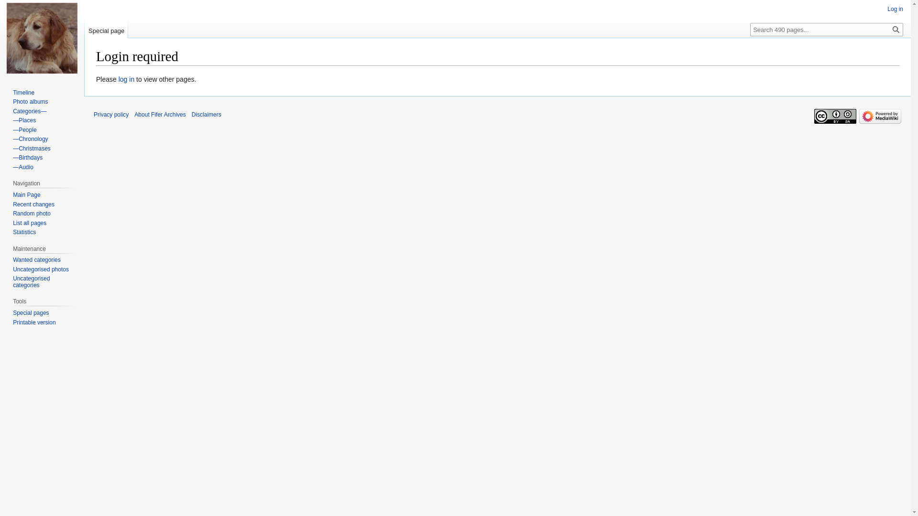 The height and width of the screenshot is (516, 918). Describe the element at coordinates (13, 213) in the screenshot. I see `'Random photo'` at that location.